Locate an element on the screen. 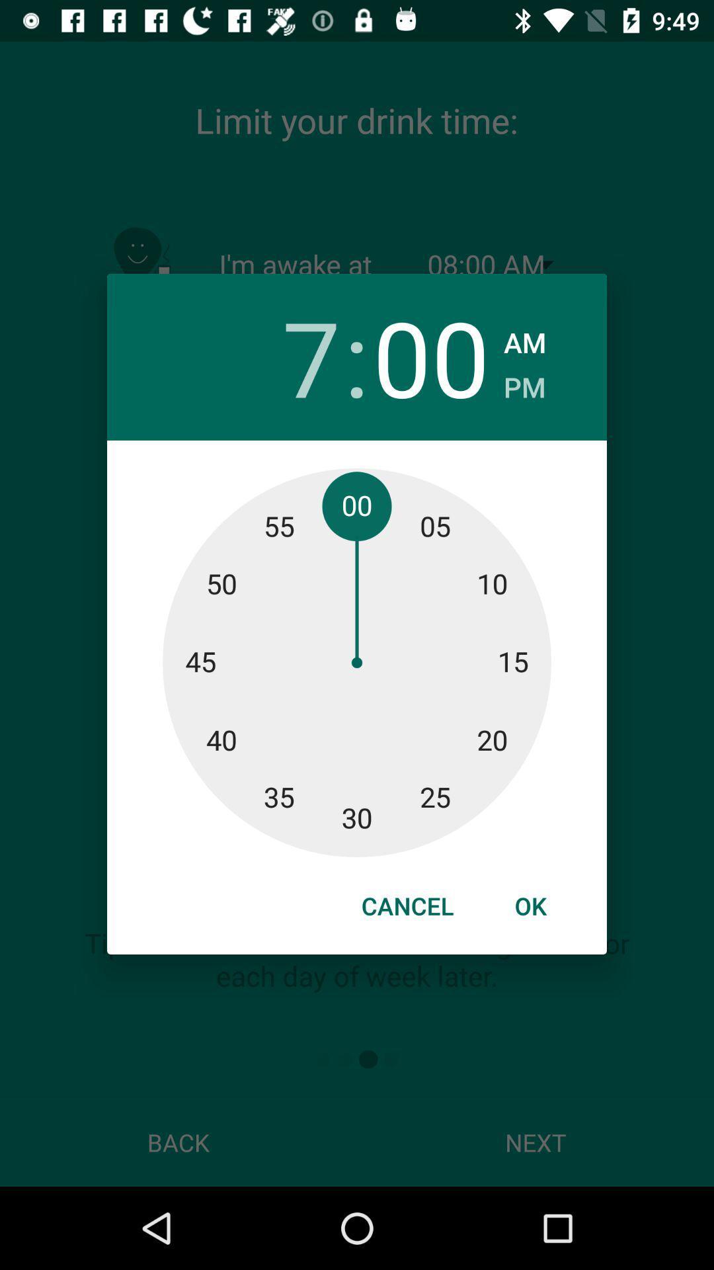 This screenshot has width=714, height=1270. the icon at the bottom right corner is located at coordinates (530, 905).